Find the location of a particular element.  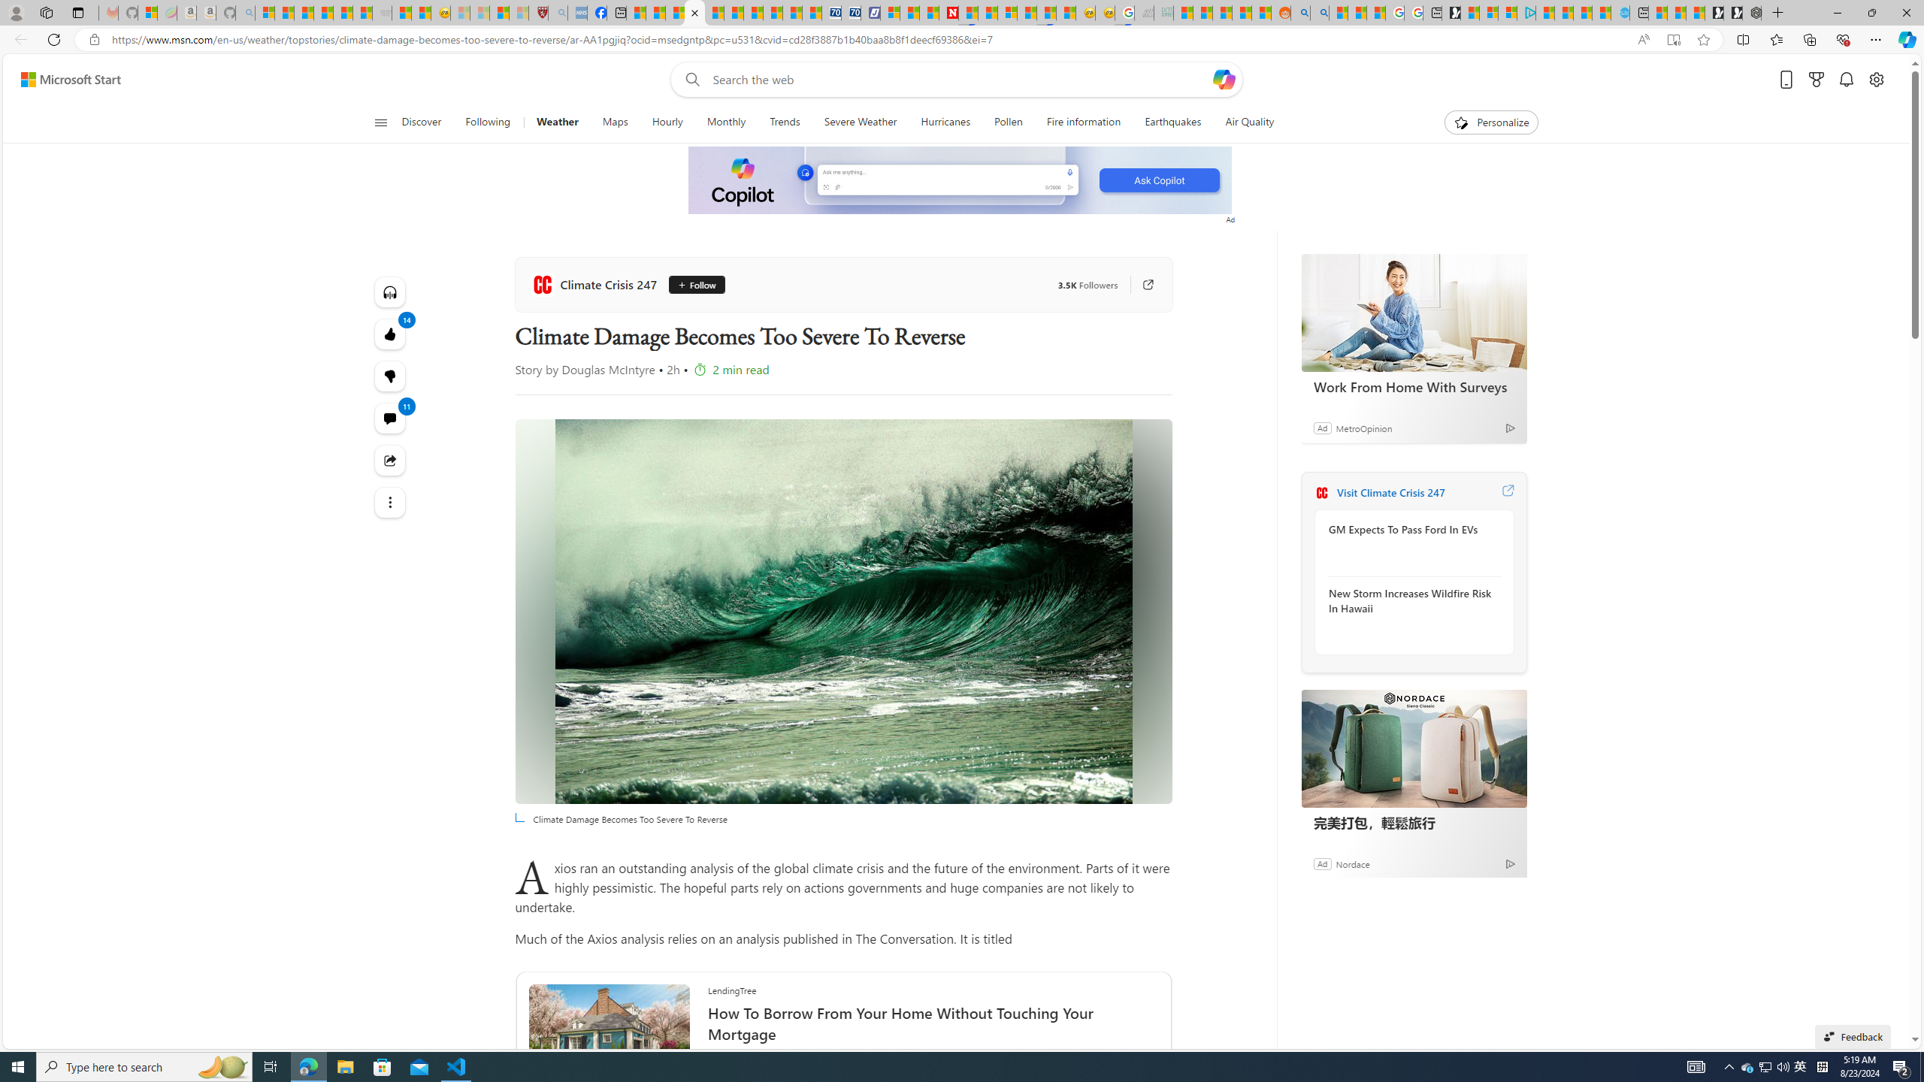

'Earthquakes' is located at coordinates (1173, 122).